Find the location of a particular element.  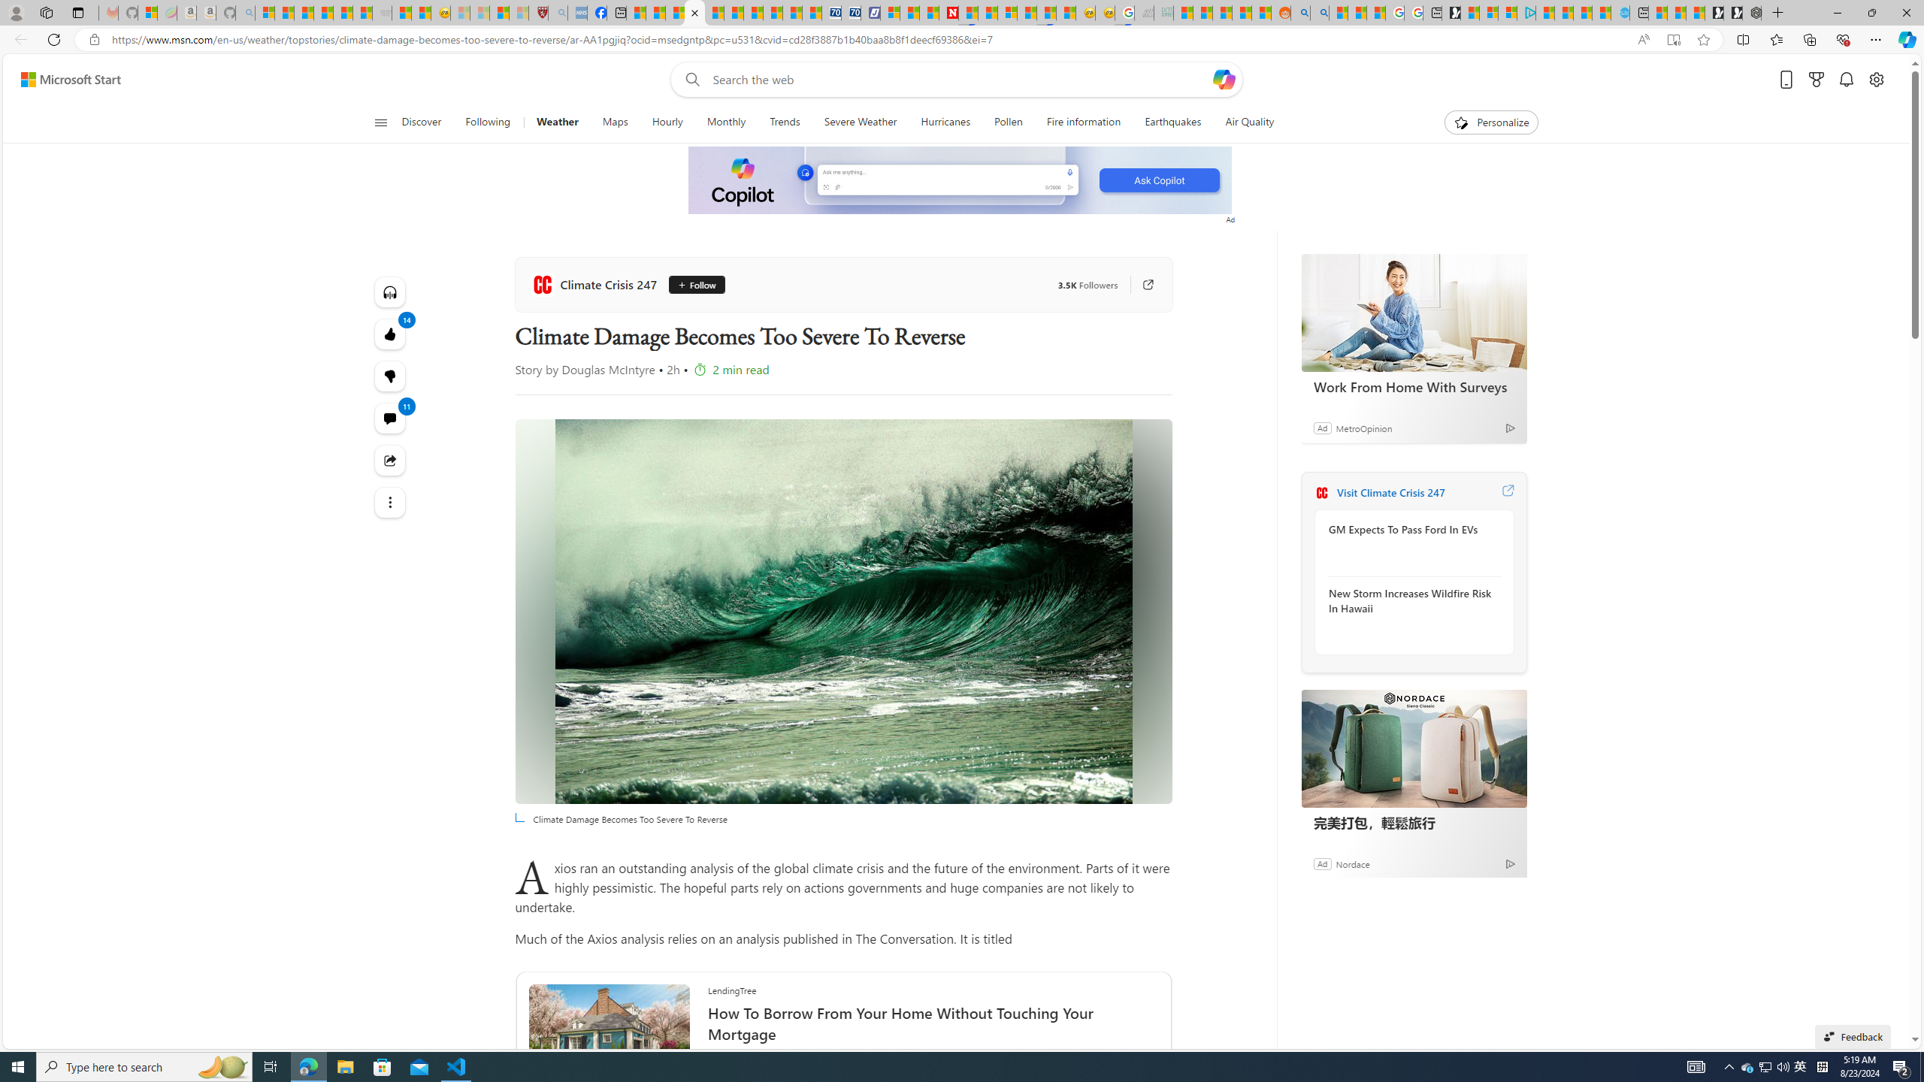

'Earthquakes' is located at coordinates (1173, 122).